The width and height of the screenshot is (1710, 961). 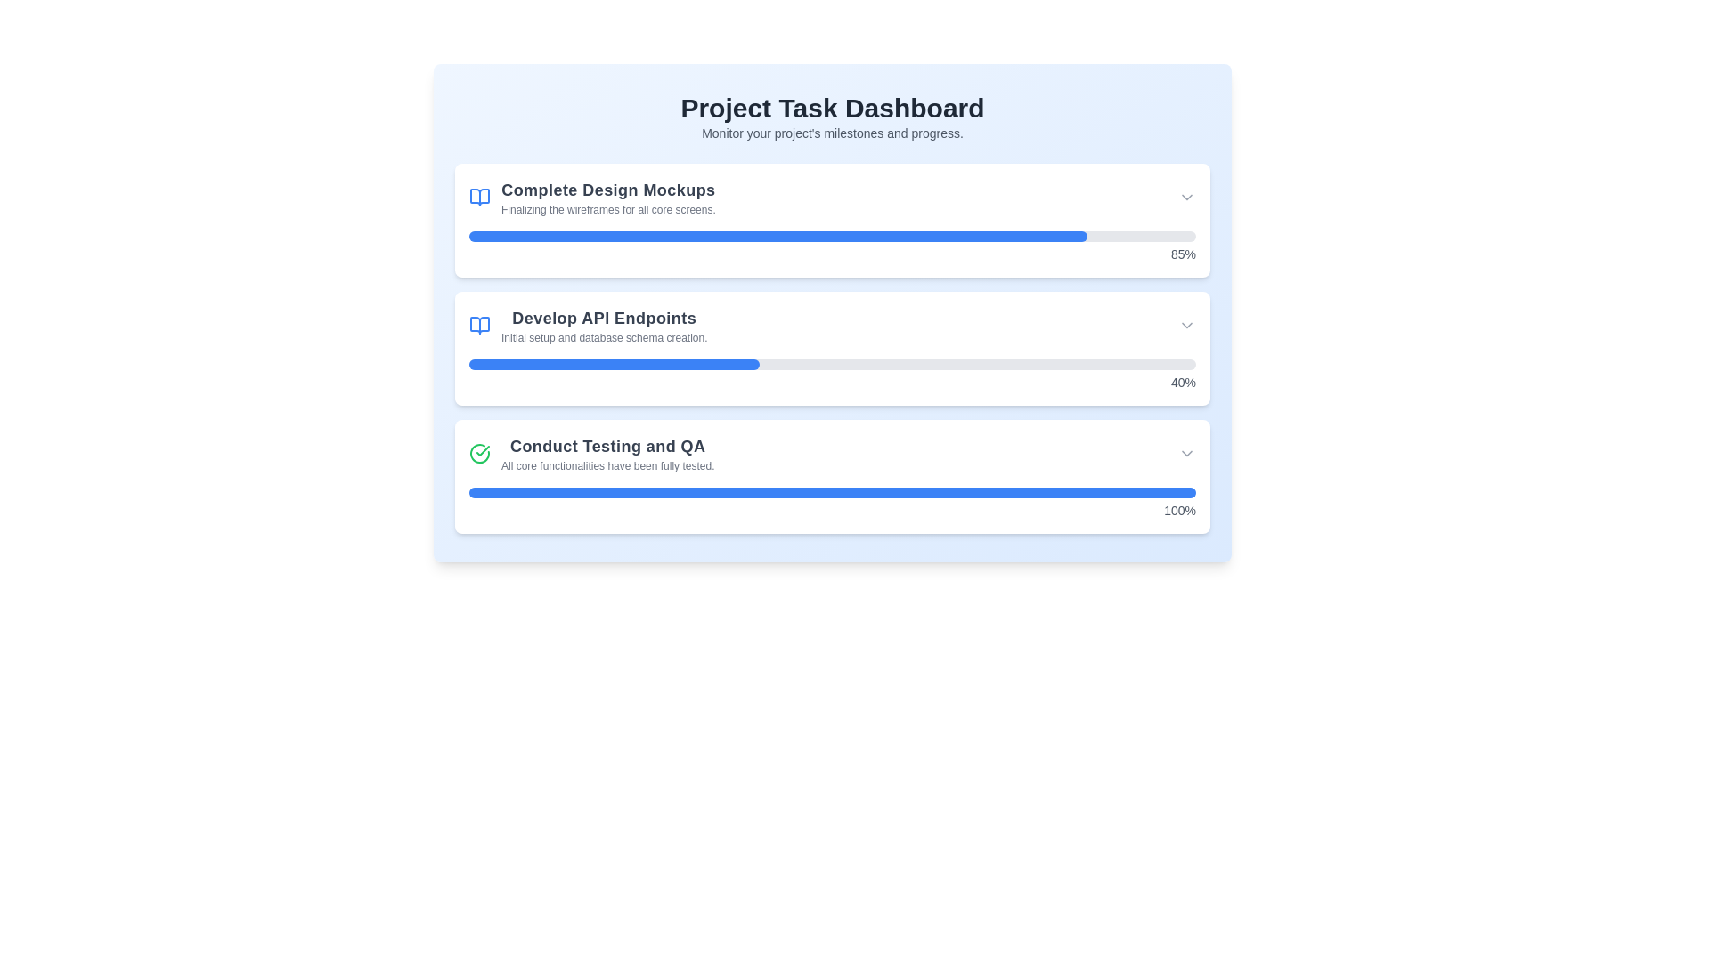 What do you see at coordinates (491, 363) in the screenshot?
I see `progress` at bounding box center [491, 363].